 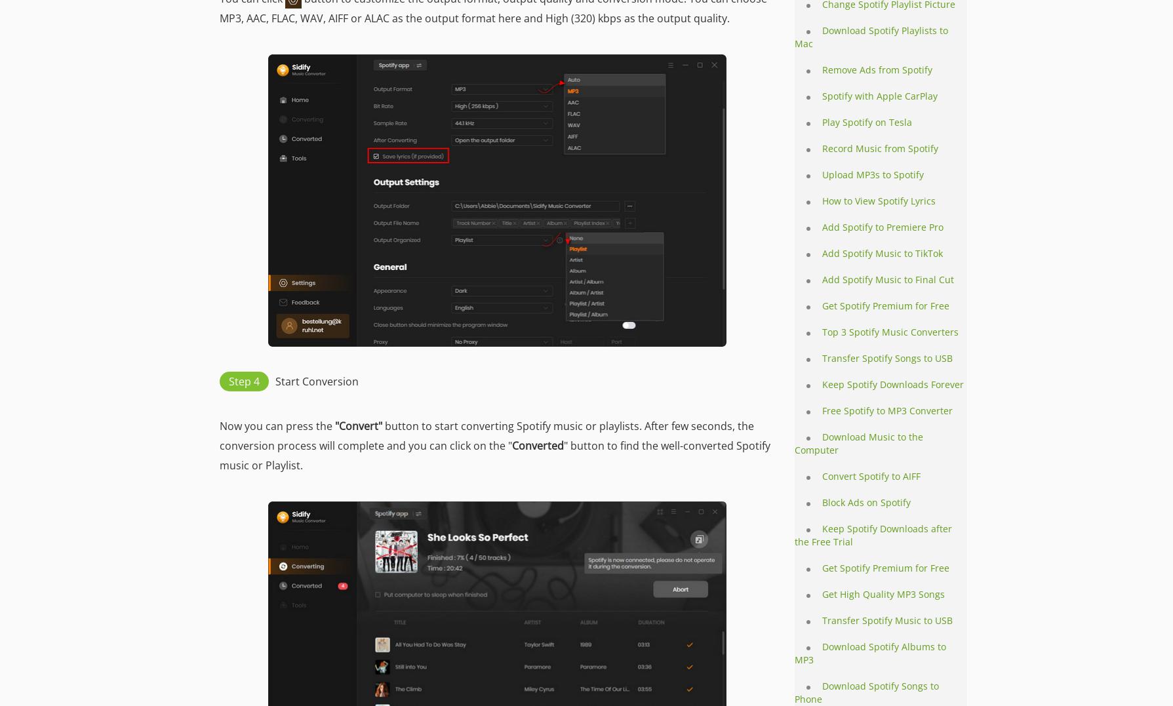 What do you see at coordinates (822, 226) in the screenshot?
I see `'Add Spotify to Premiere Pro'` at bounding box center [822, 226].